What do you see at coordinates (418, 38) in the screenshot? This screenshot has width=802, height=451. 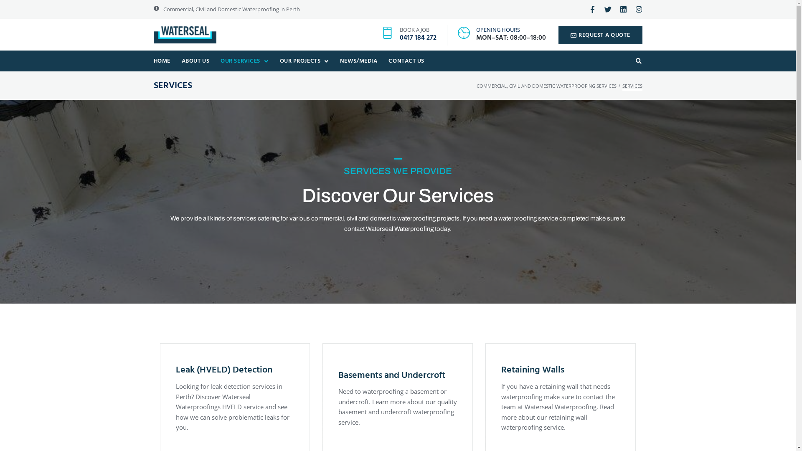 I see `'0417 184 272'` at bounding box center [418, 38].